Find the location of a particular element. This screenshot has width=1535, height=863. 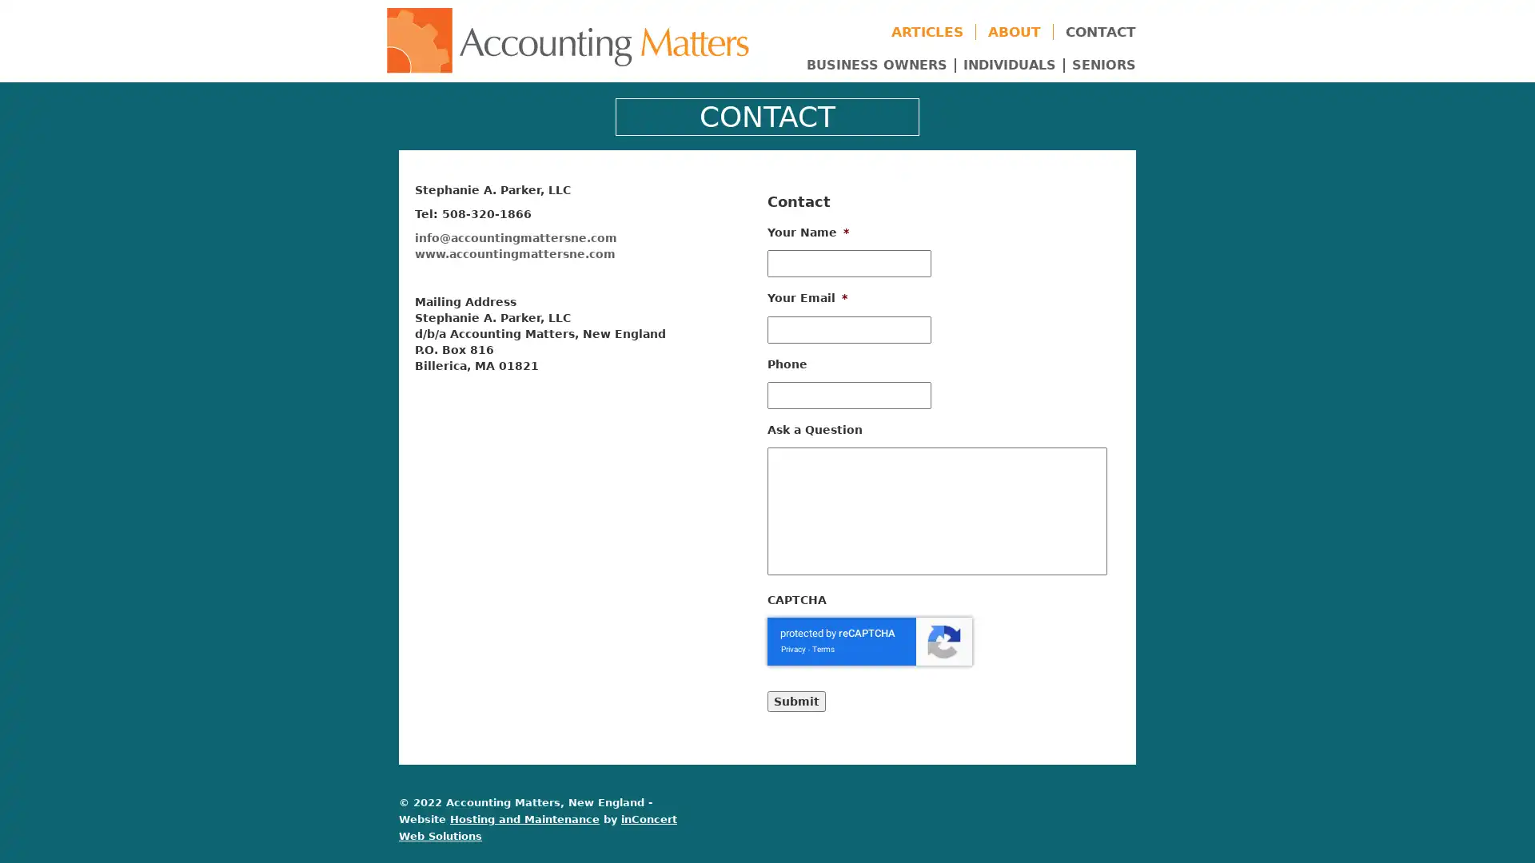

Submit is located at coordinates (796, 701).